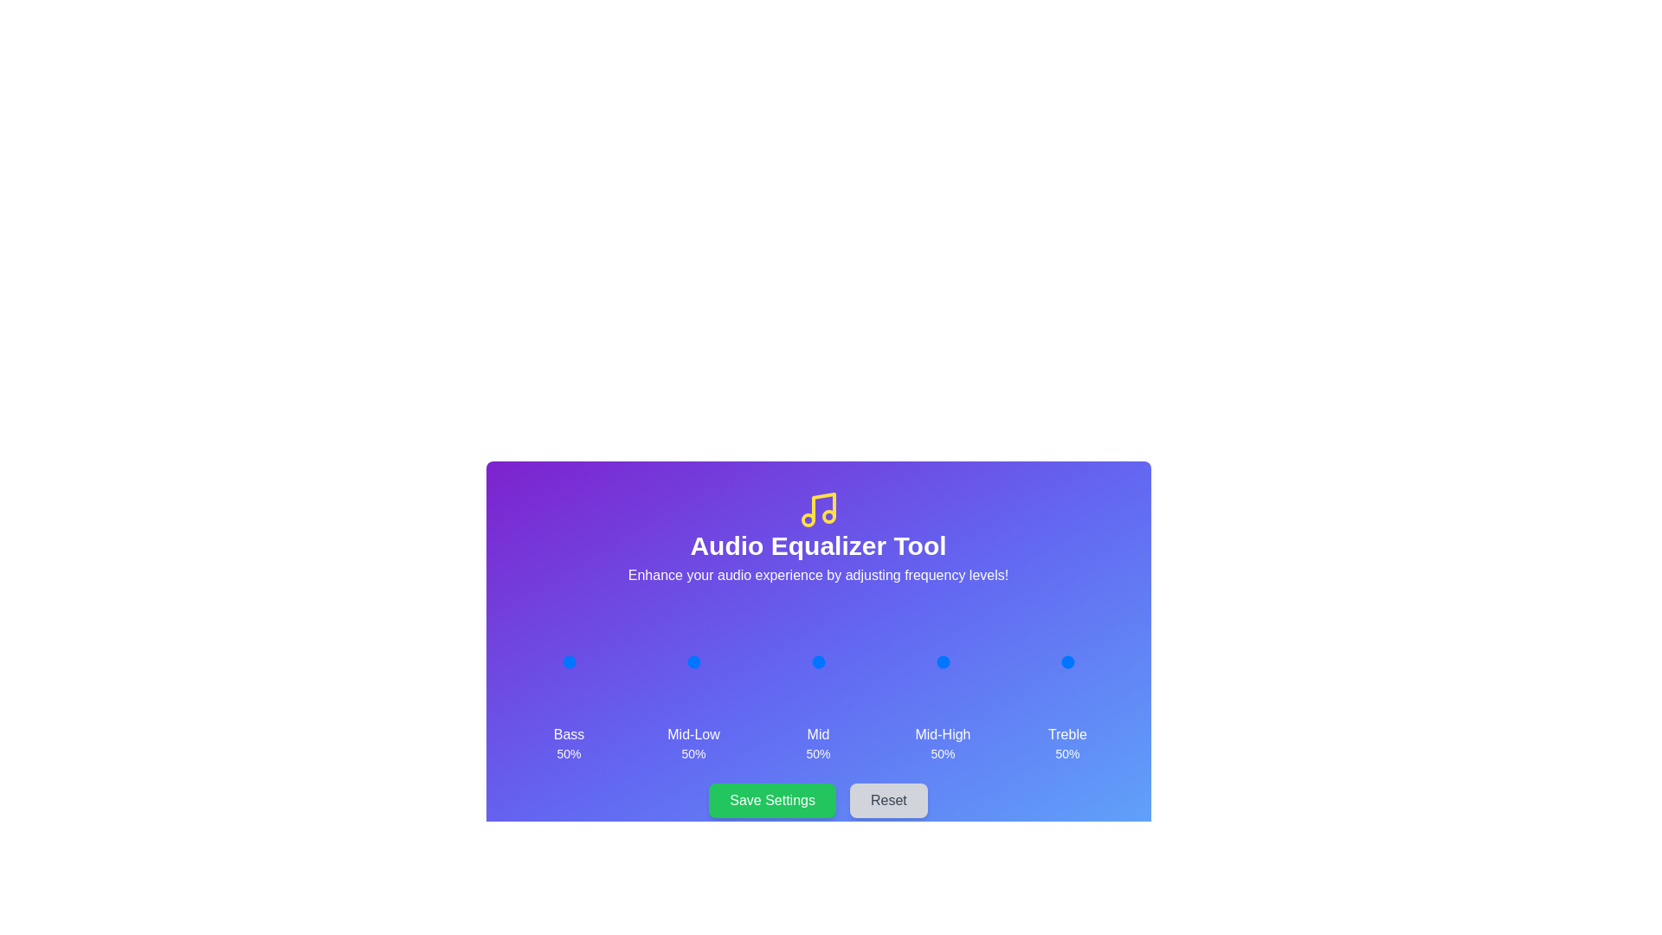  What do you see at coordinates (845, 661) in the screenshot?
I see `the 2 slider to 99%` at bounding box center [845, 661].